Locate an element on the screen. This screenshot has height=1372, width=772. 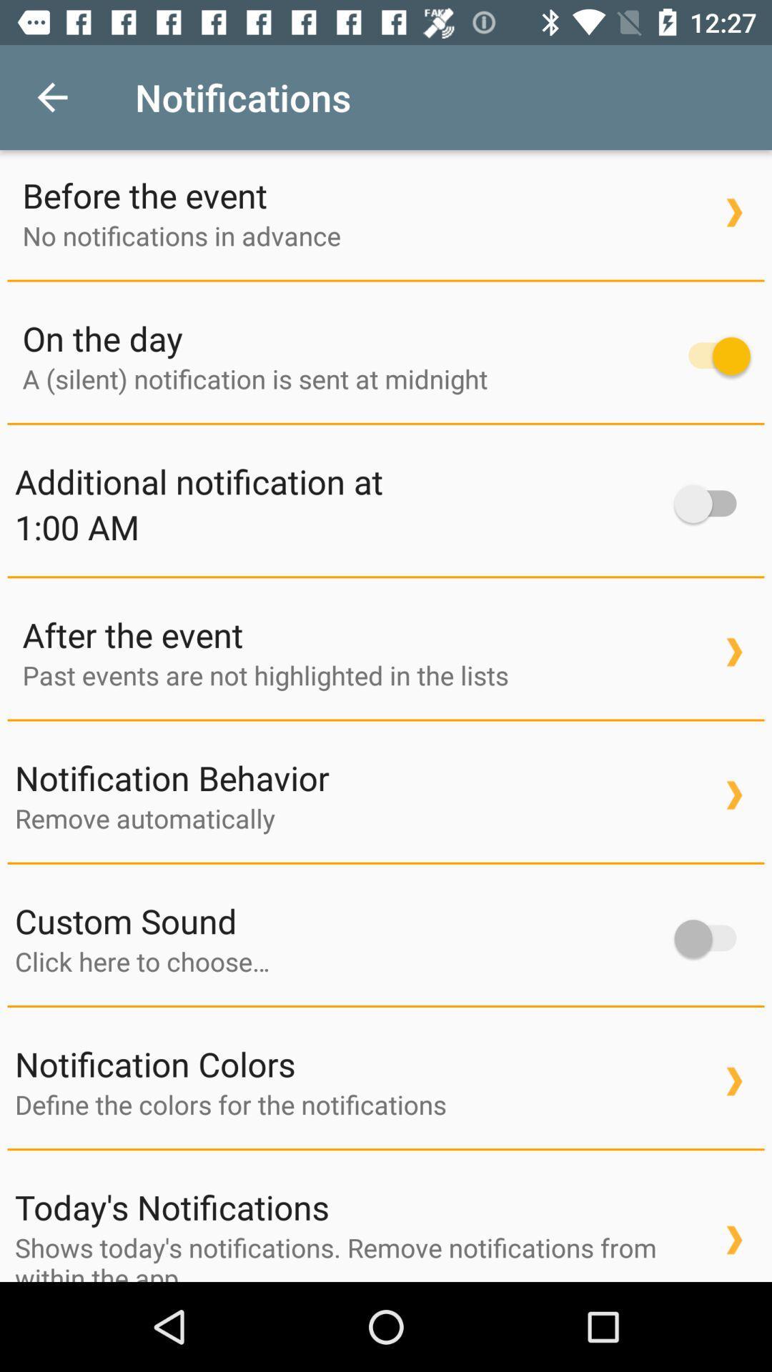
choose sound is located at coordinates (337, 961).